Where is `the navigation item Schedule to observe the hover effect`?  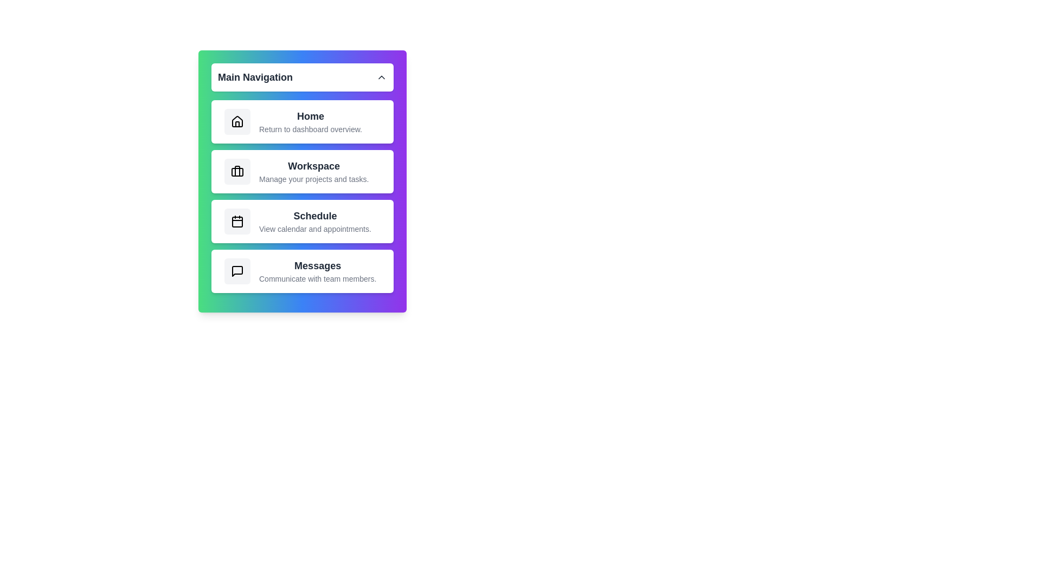 the navigation item Schedule to observe the hover effect is located at coordinates (302, 220).